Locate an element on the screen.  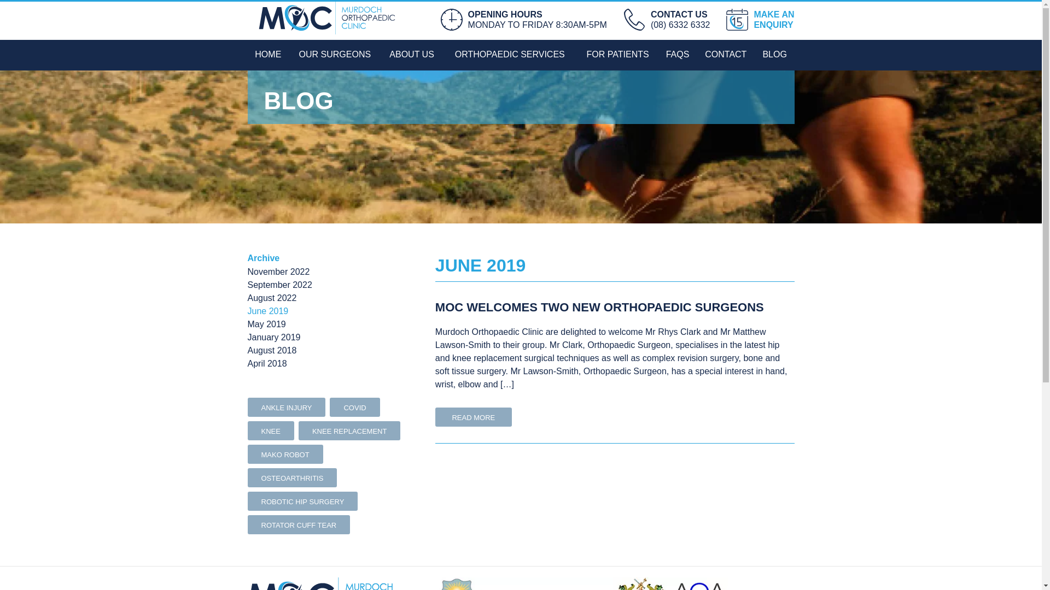
'HOME' is located at coordinates (267, 55).